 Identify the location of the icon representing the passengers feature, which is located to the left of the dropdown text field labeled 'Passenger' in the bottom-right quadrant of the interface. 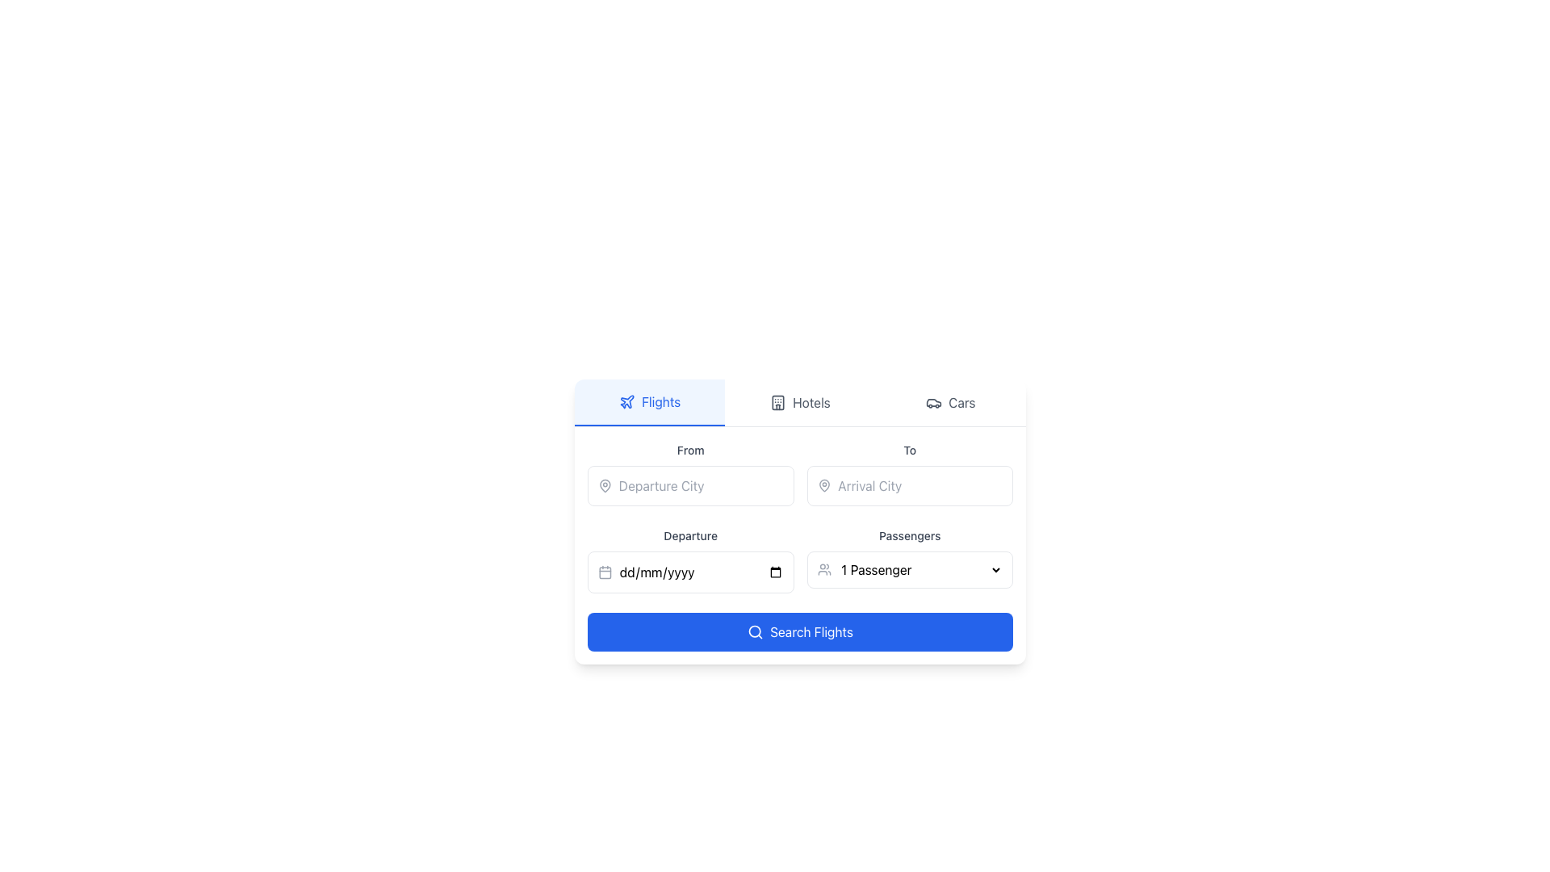
(824, 568).